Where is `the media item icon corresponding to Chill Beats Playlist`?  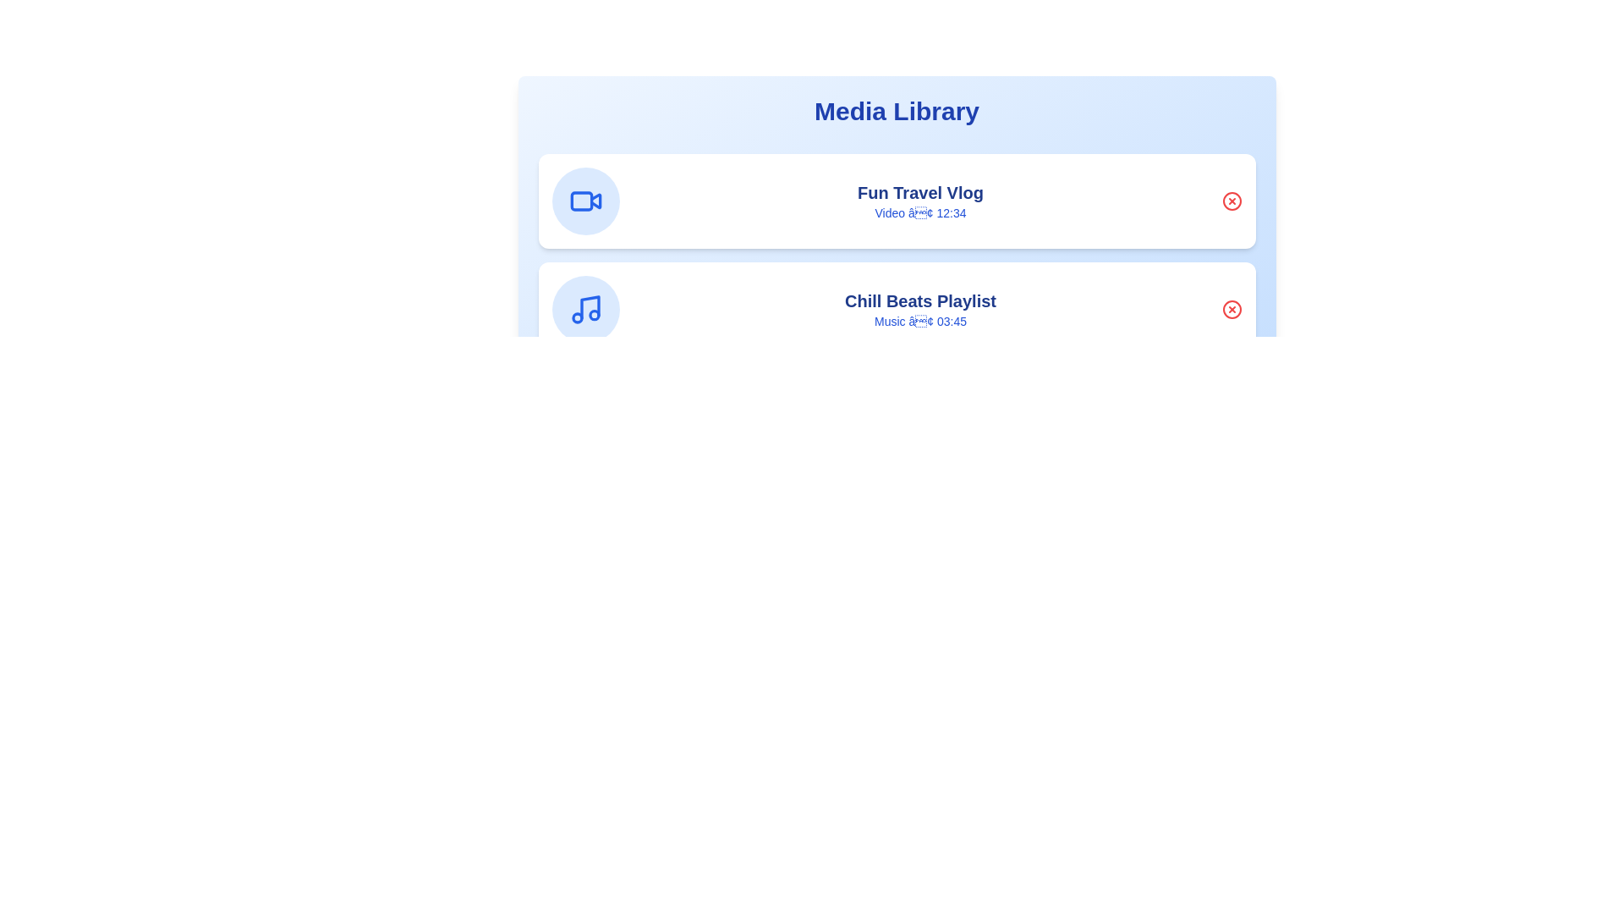
the media item icon corresponding to Chill Beats Playlist is located at coordinates (585, 310).